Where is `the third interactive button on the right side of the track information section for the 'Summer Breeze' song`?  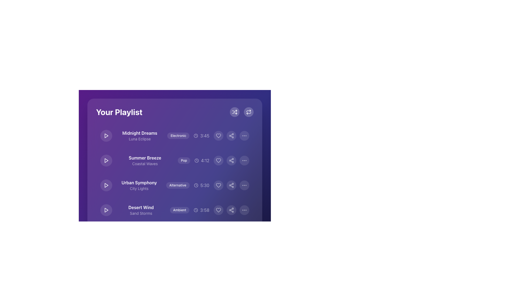
the third interactive button on the right side of the track information section for the 'Summer Breeze' song is located at coordinates (231, 160).